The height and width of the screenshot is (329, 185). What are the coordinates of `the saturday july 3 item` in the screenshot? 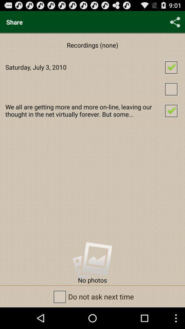 It's located at (92, 67).